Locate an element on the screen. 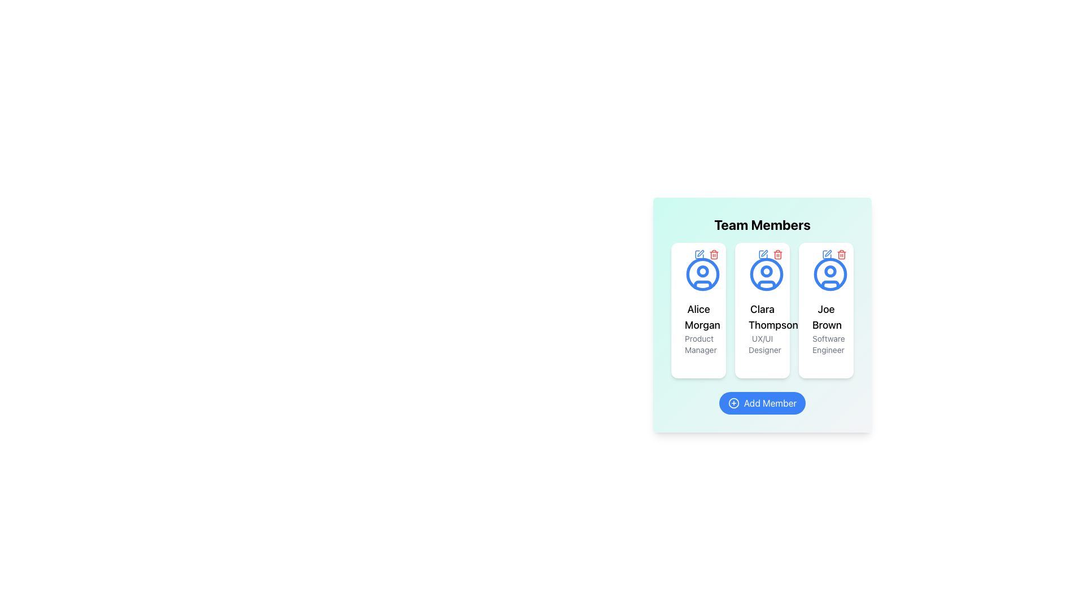 The width and height of the screenshot is (1084, 610). the text label displaying the role or title associated with the user 'Alice Morgan', located at the bottom section of the user card in the 'Team Members' section is located at coordinates (698, 343).